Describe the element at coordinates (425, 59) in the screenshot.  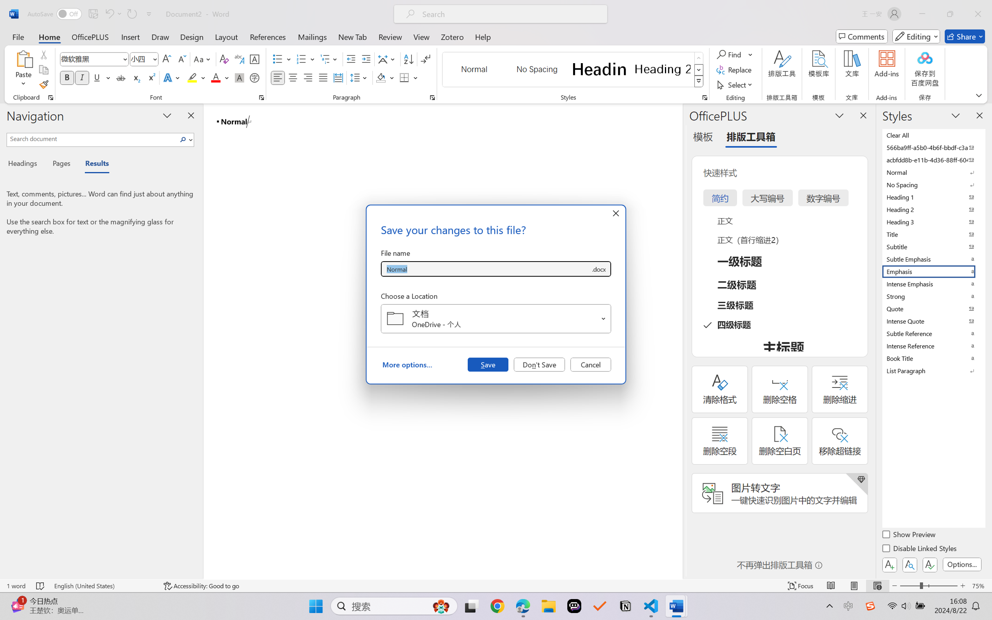
I see `'Show/Hide Editing Marks'` at that location.